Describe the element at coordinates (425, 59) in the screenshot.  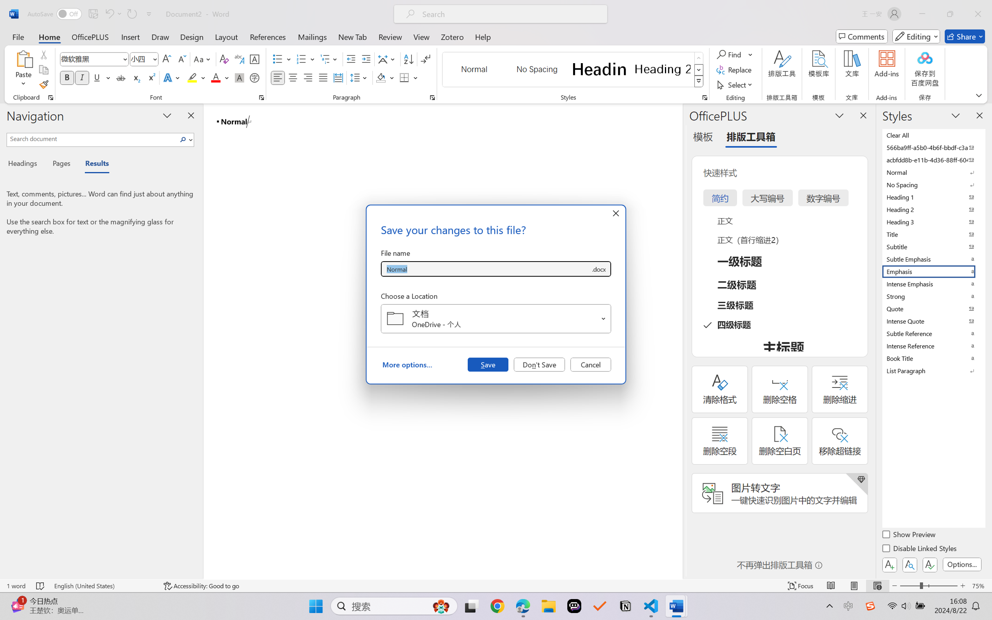
I see `'Show/Hide Editing Marks'` at that location.